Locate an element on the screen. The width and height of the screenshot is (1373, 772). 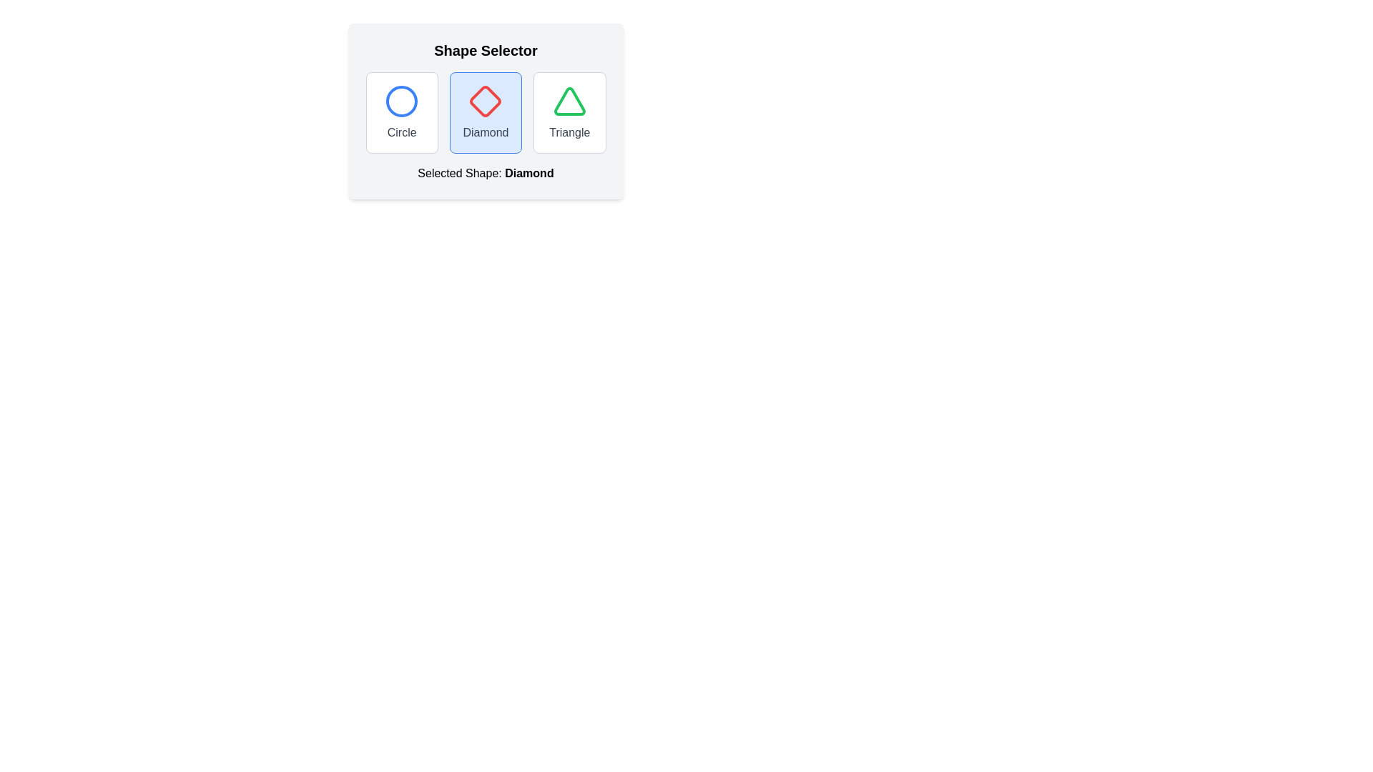
the triangular icon with a green border, which is the third option in the 'Shape Selector', located above the text 'Triangle' is located at coordinates (569, 101).